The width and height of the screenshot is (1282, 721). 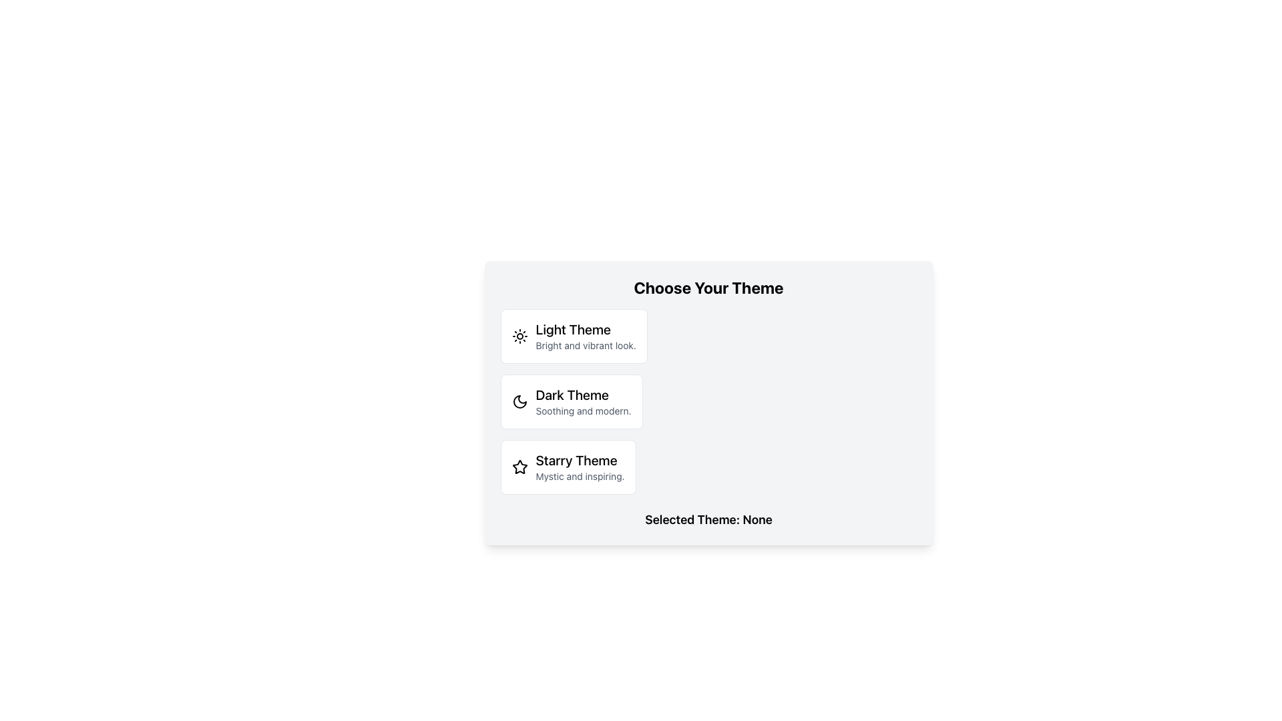 I want to click on descriptive text label that provides additional information about the 'Light Theme' option, located directly beneath the 'Light Theme' text, so click(x=586, y=344).